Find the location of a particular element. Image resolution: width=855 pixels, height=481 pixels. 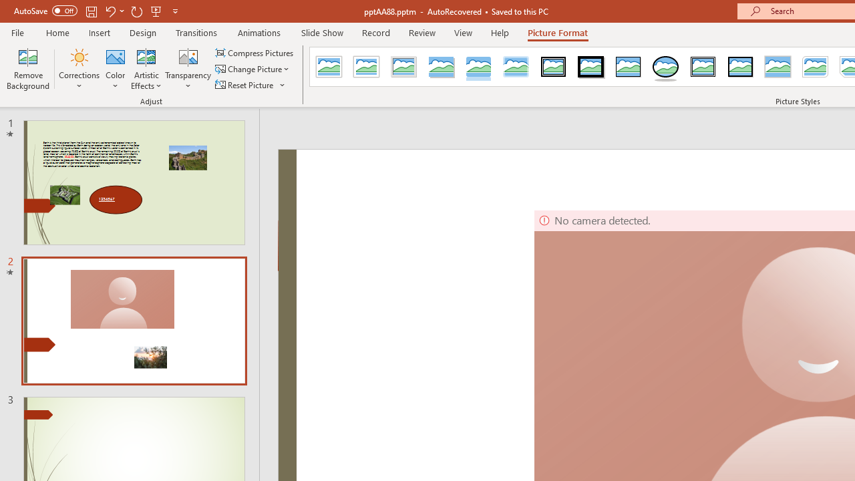

'Double Frame, Black' is located at coordinates (554, 67).